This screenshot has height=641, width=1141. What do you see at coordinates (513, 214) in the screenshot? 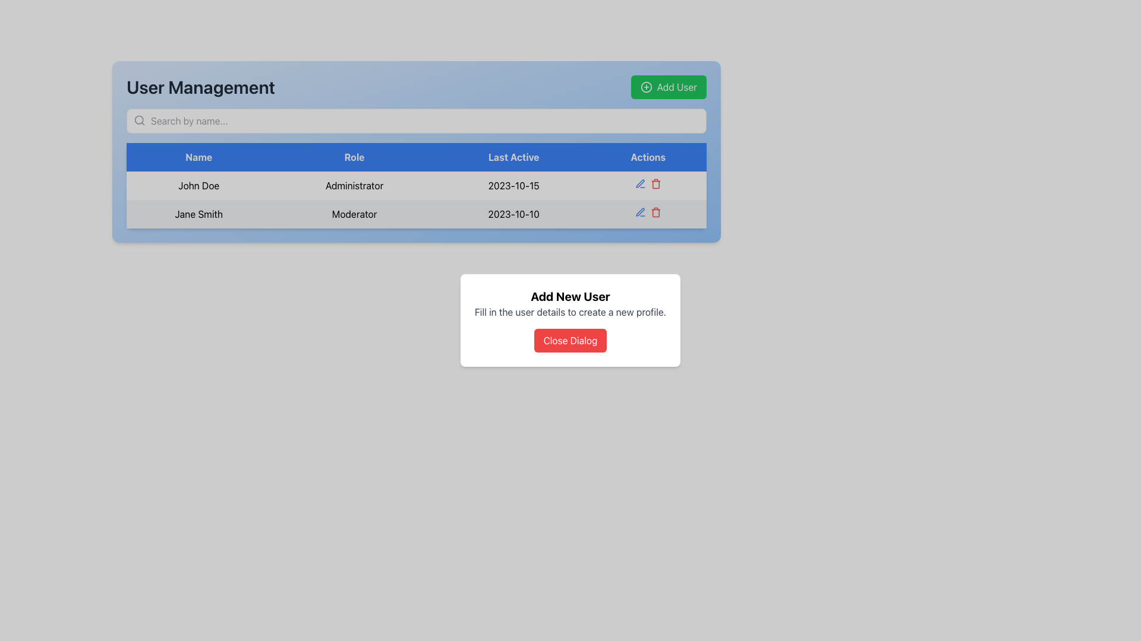
I see `the text label displaying the date '2023-10-10' located in the second row of the table under the 'Last Active' column header` at bounding box center [513, 214].